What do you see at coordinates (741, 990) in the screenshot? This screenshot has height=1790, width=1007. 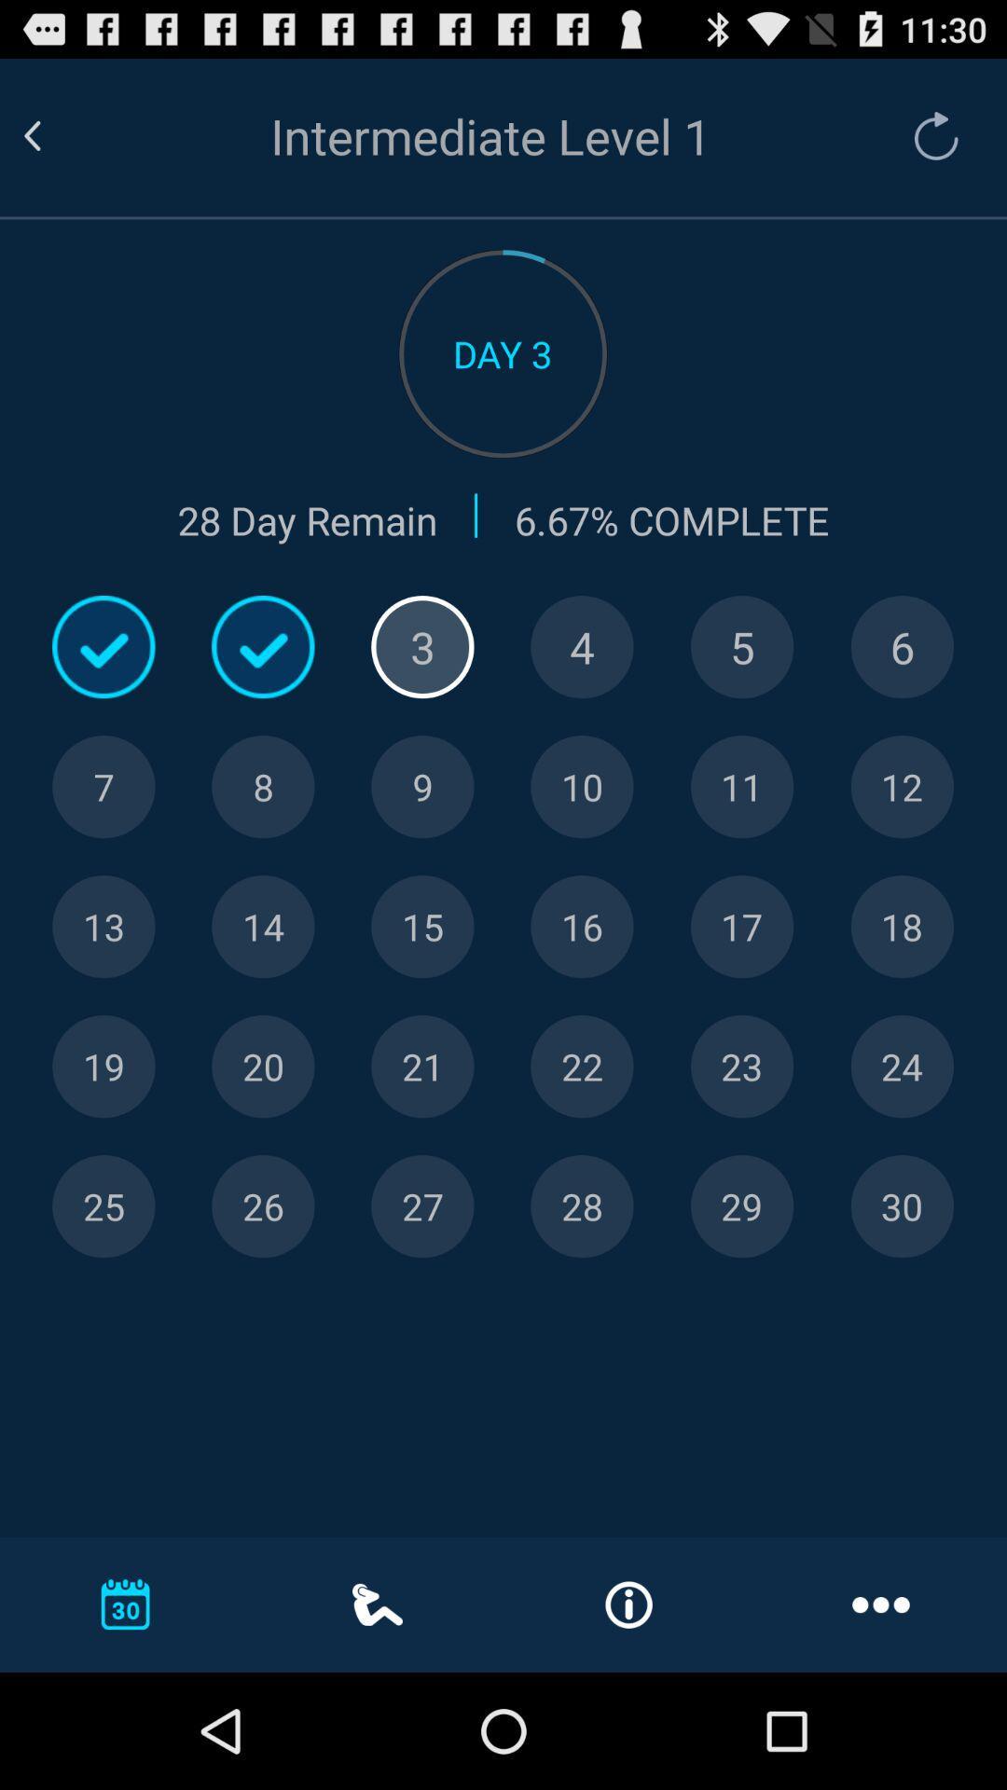 I see `the navigation icon` at bounding box center [741, 990].